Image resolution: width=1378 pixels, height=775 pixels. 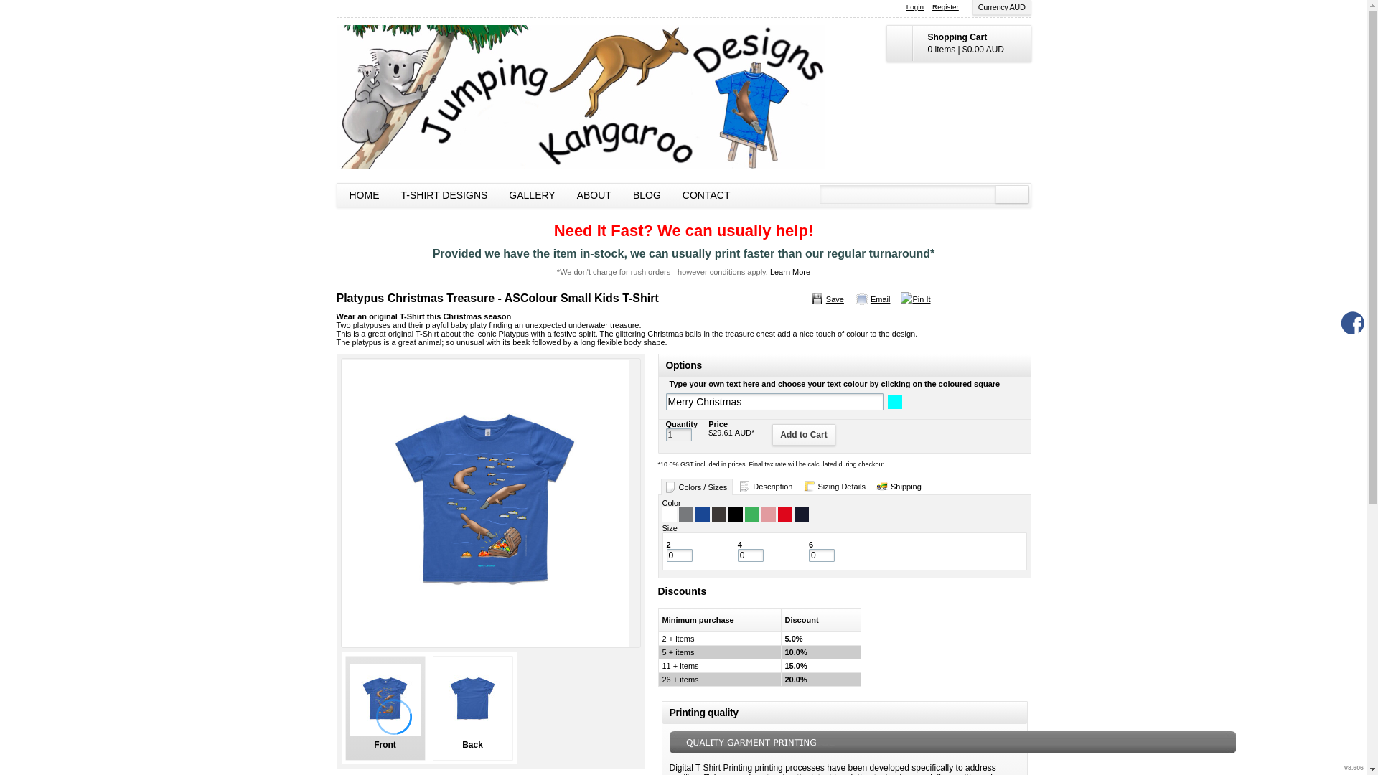 I want to click on 'ABOUT', so click(x=594, y=195).